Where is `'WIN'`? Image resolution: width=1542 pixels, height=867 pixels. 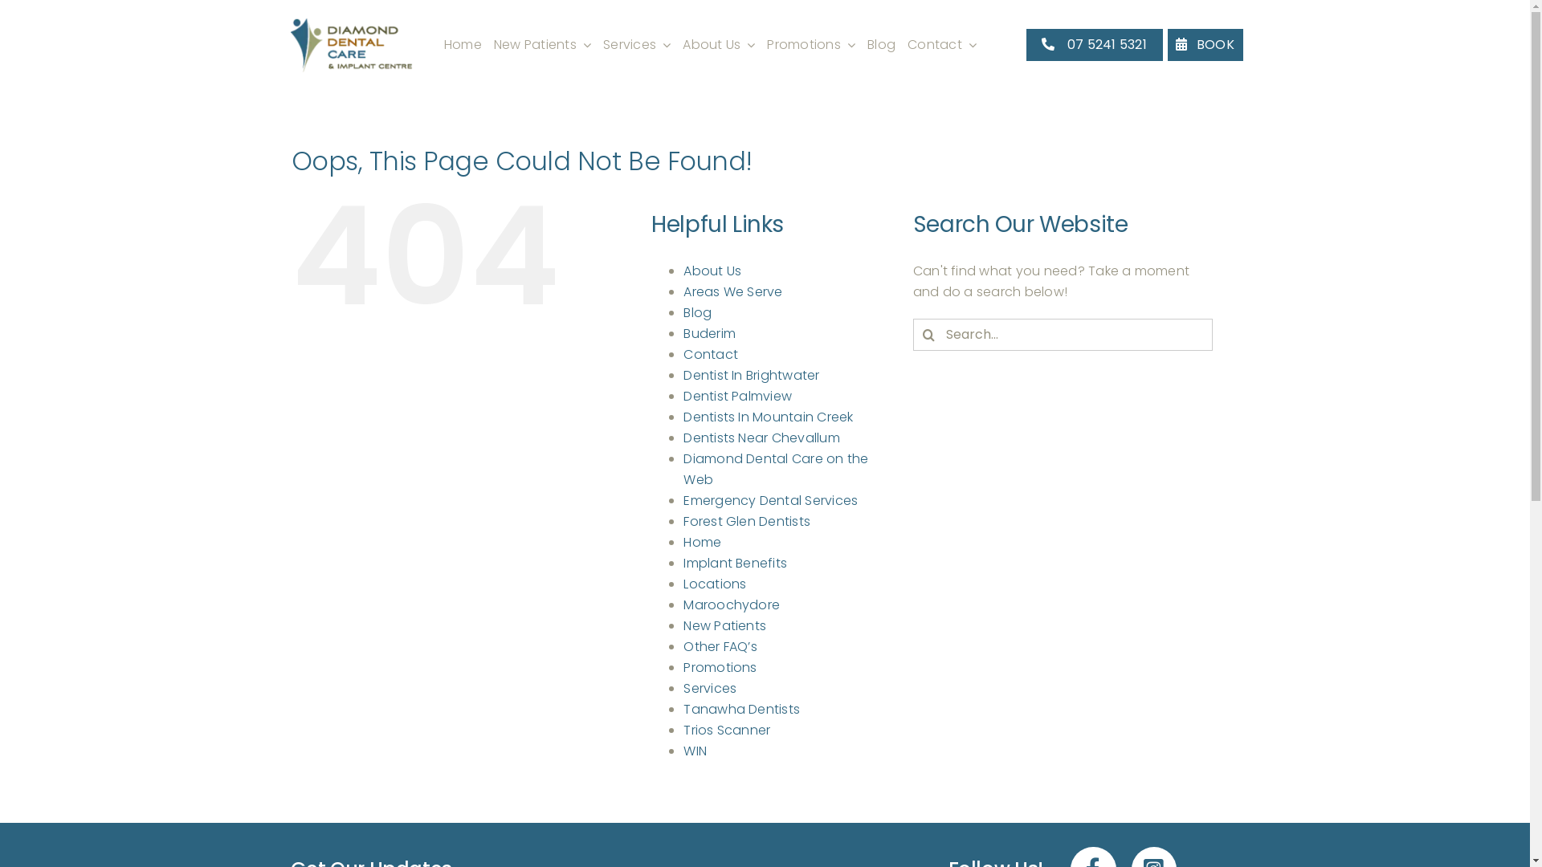 'WIN' is located at coordinates (695, 751).